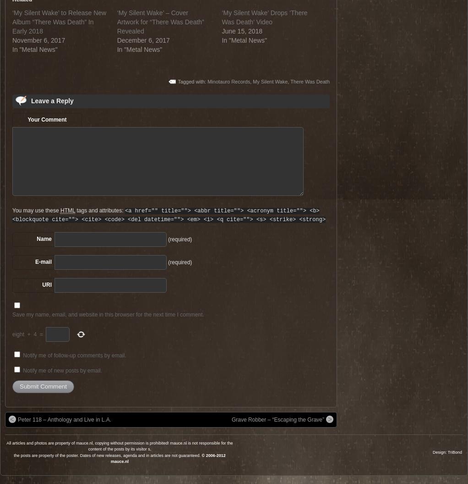 This screenshot has width=468, height=484. I want to click on 'Your Comment', so click(46, 119).